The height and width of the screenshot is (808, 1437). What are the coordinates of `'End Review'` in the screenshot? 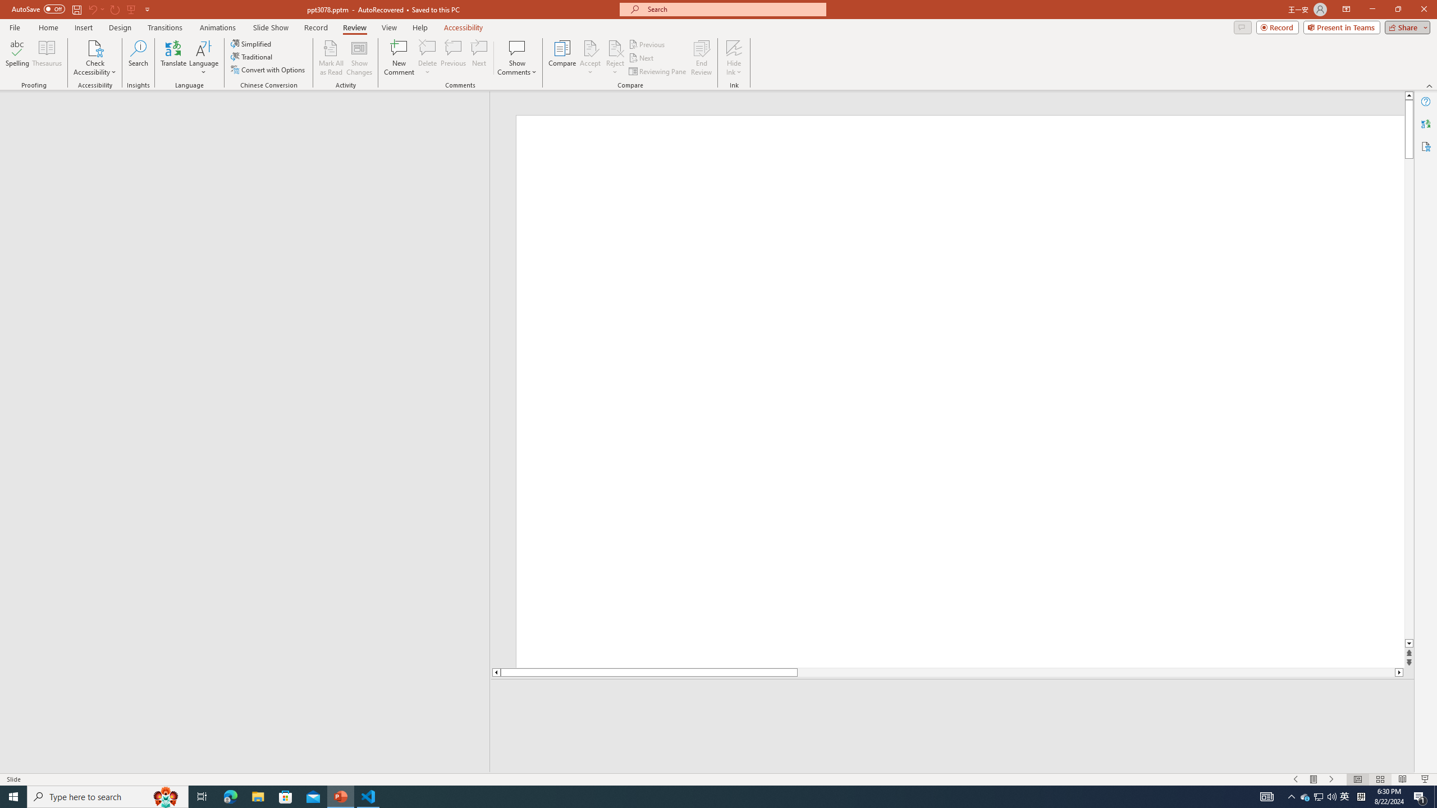 It's located at (701, 58).